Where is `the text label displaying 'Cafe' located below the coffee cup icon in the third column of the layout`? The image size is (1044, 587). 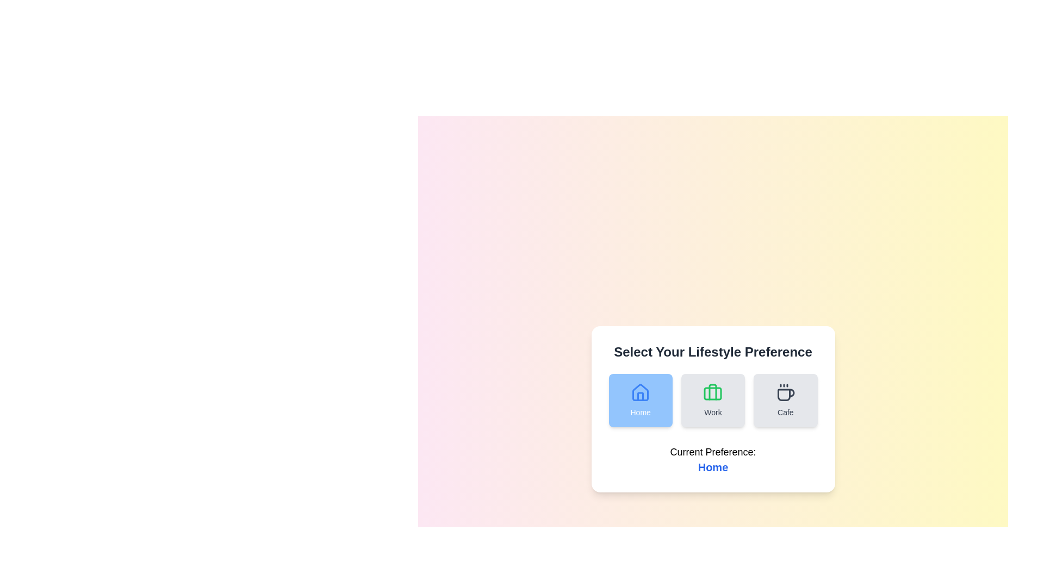 the text label displaying 'Cafe' located below the coffee cup icon in the third column of the layout is located at coordinates (785, 413).